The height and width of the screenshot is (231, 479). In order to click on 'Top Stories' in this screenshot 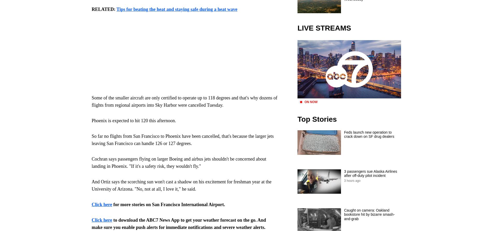, I will do `click(317, 119)`.